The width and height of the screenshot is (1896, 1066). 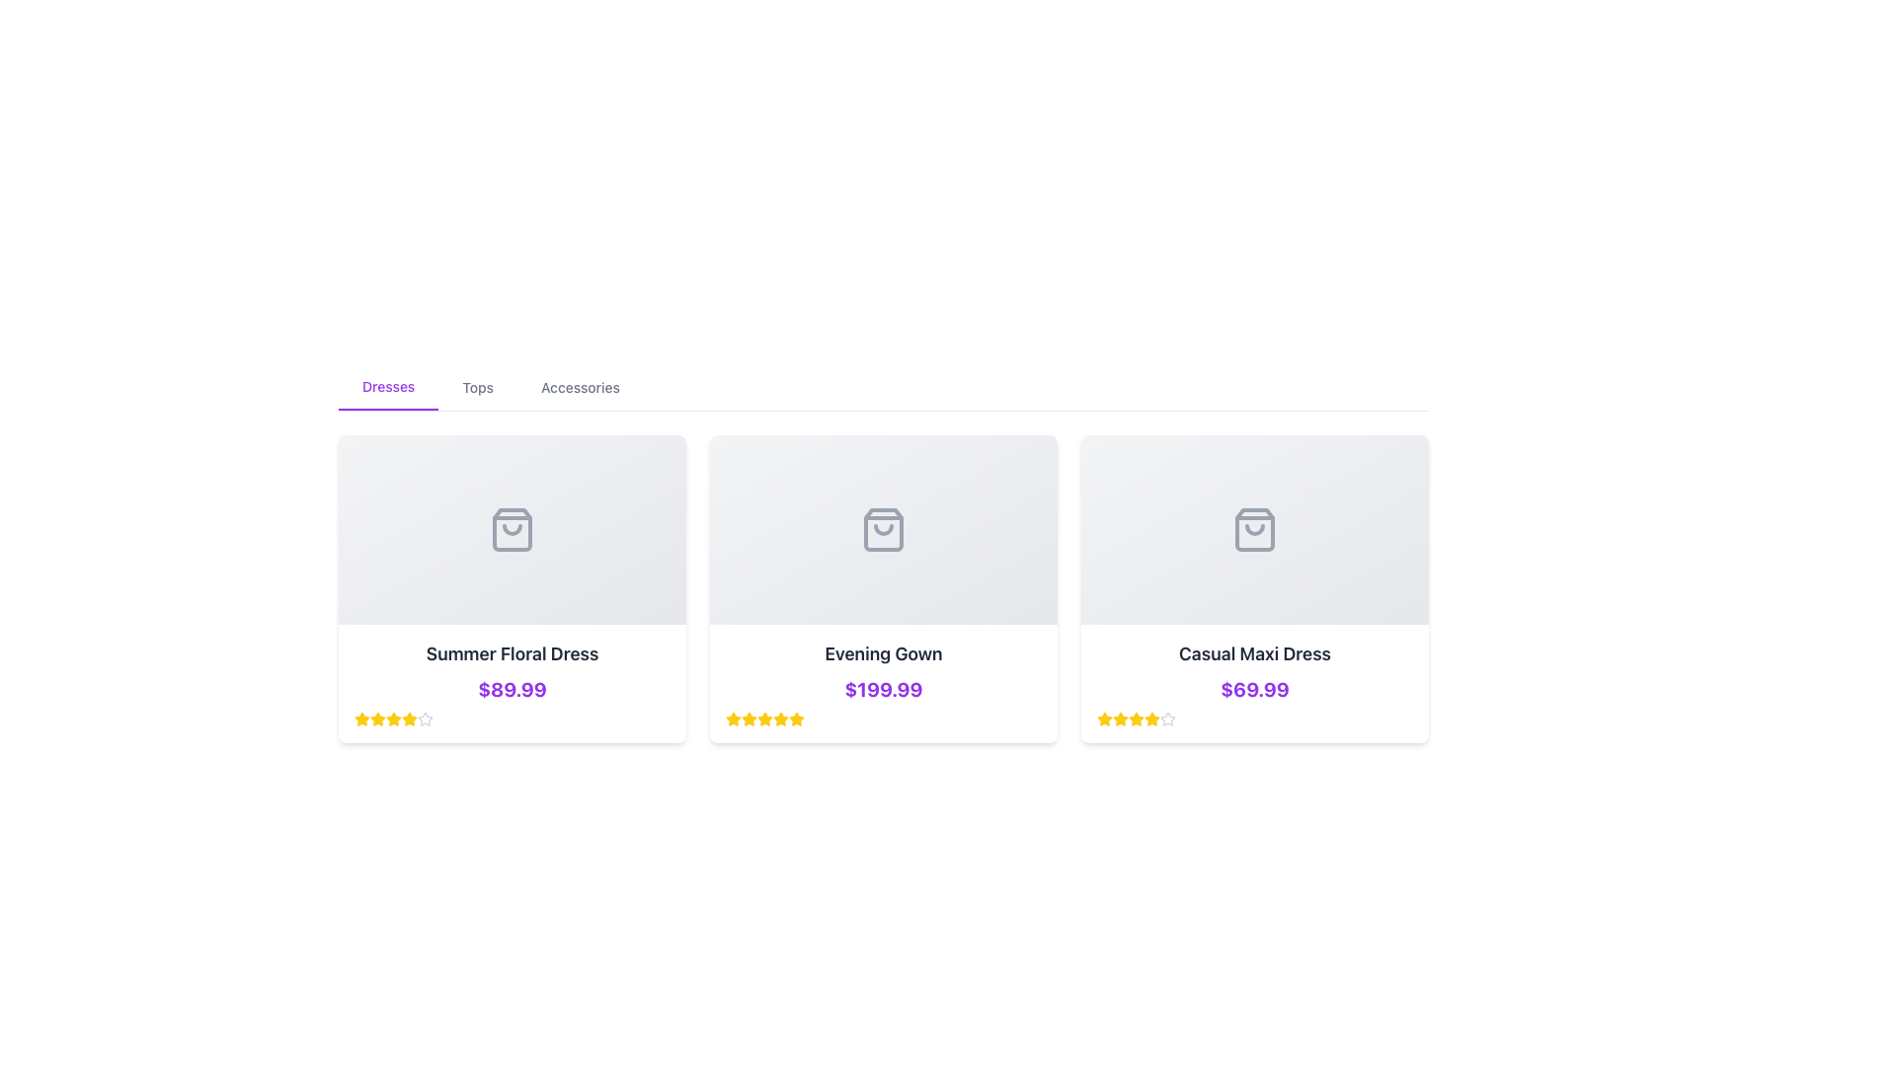 What do you see at coordinates (882, 528) in the screenshot?
I see `the shopping bag icon located in the second card labeled 'Evening Gown'` at bounding box center [882, 528].